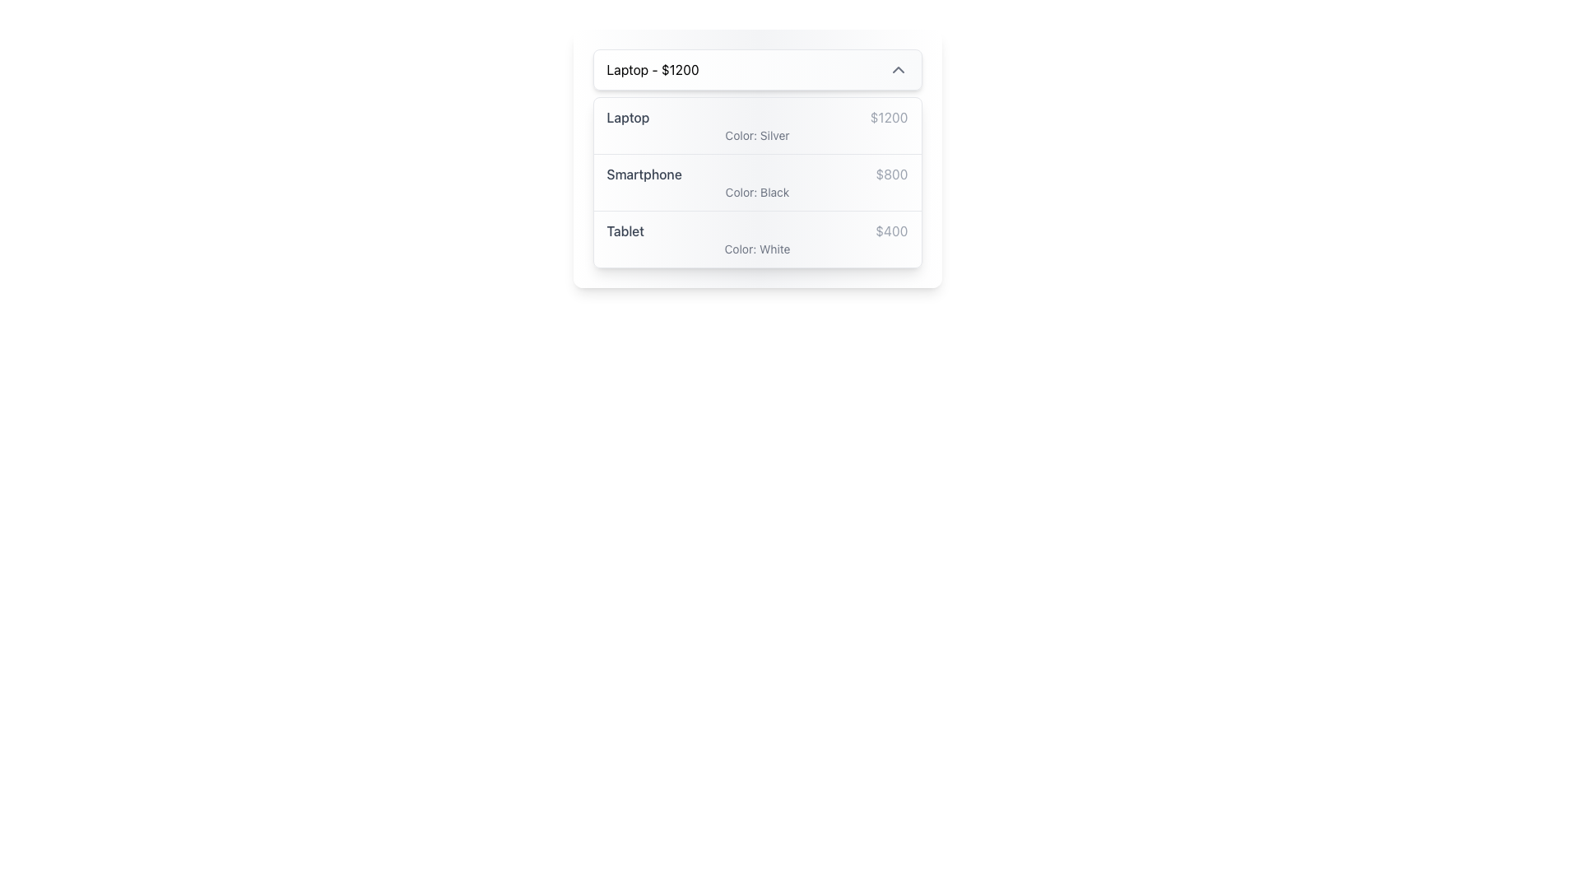  What do you see at coordinates (756, 249) in the screenshot?
I see `text displayed in the label that shows 'Color: White', which is positioned below the price and description of the 'Tablet' item` at bounding box center [756, 249].